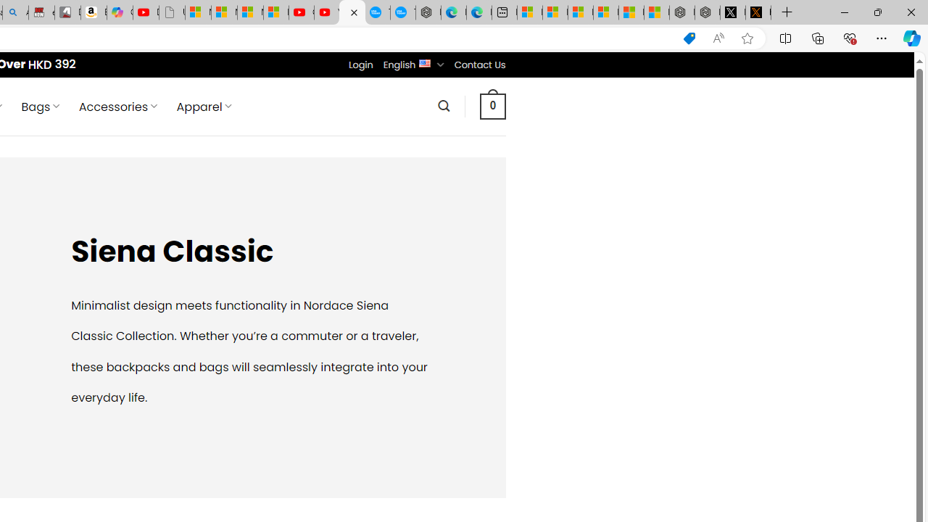 The height and width of the screenshot is (522, 928). Describe the element at coordinates (326, 12) in the screenshot. I see `'YouTube Kids - An App Created for Kids to Explore Content'` at that location.